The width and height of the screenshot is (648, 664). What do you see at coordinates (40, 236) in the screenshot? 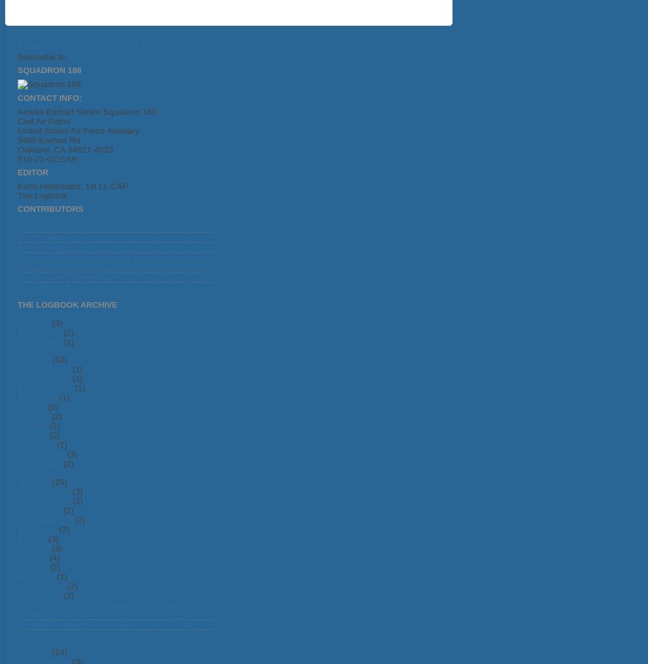
I see `'Eric Choate'` at bounding box center [40, 236].